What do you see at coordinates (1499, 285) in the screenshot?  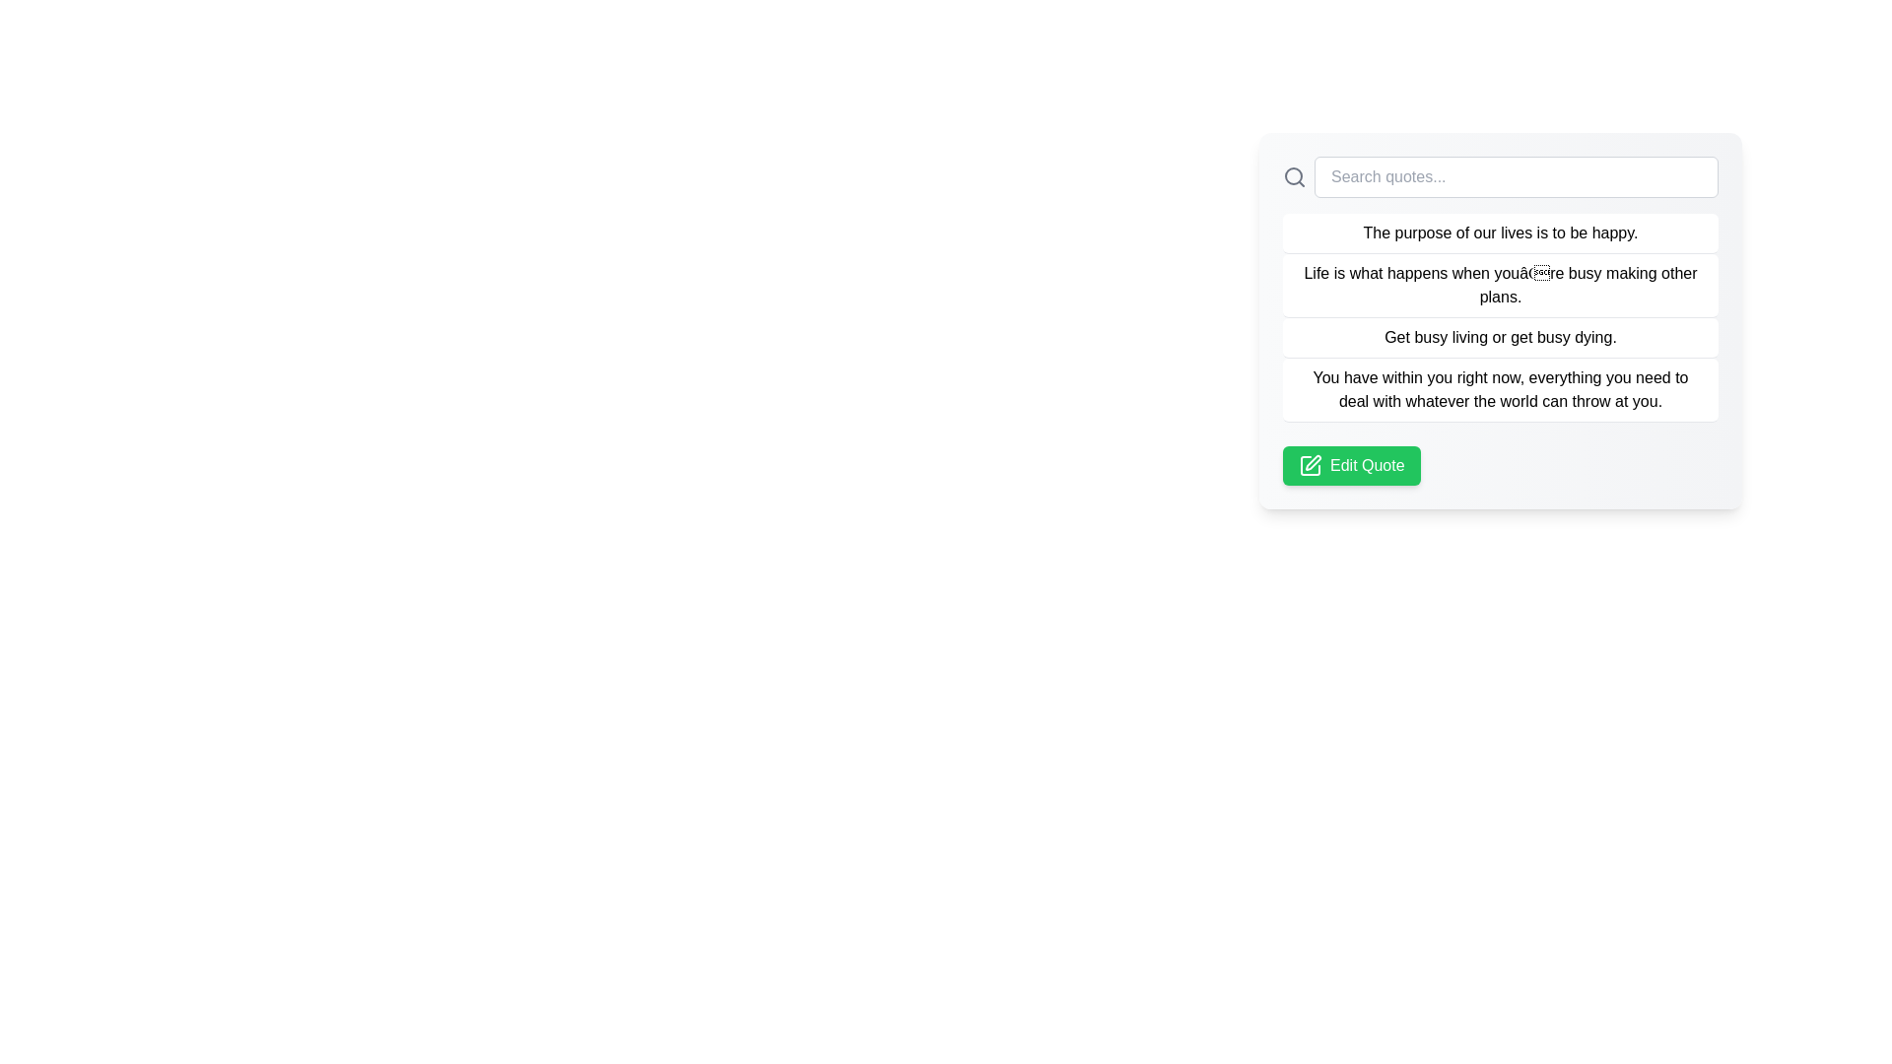 I see `the text block displaying the quote 'Life is what happens when you’re busy making other plans.' which is the second item in a vertically stacked list of text blocks` at bounding box center [1499, 285].